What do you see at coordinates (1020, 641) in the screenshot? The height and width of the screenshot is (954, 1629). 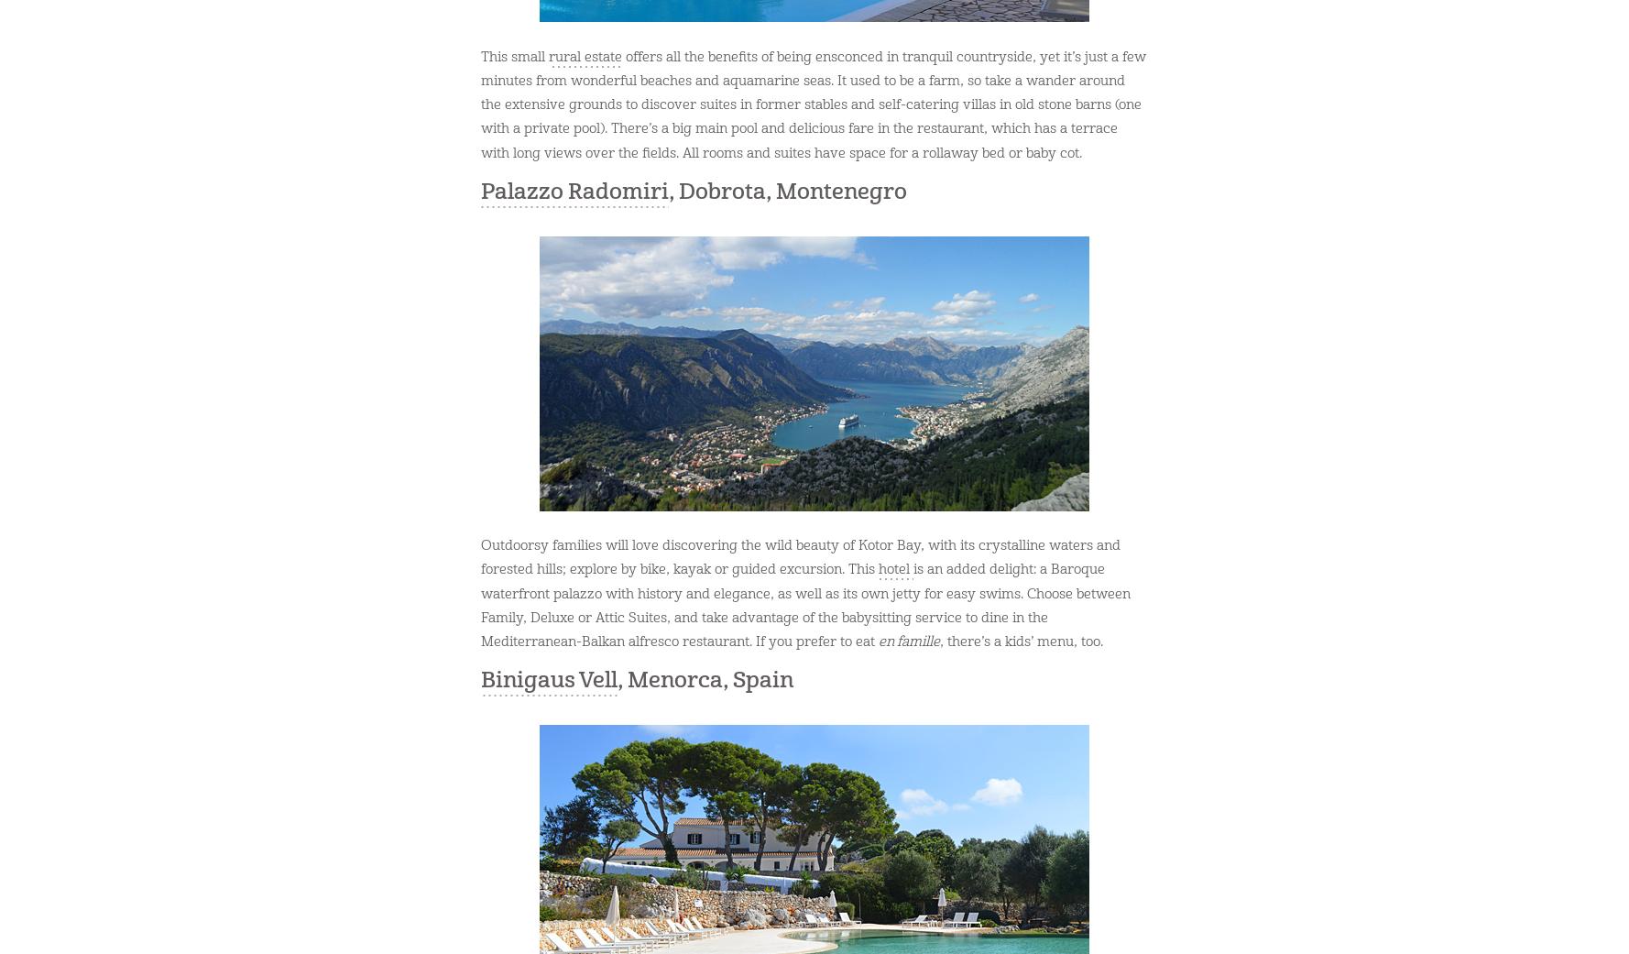 I see `', there’s a kids’ menu, too.'` at bounding box center [1020, 641].